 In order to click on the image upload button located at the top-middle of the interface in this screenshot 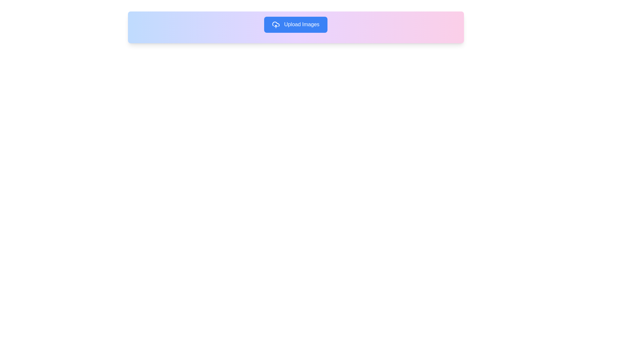, I will do `click(295, 24)`.